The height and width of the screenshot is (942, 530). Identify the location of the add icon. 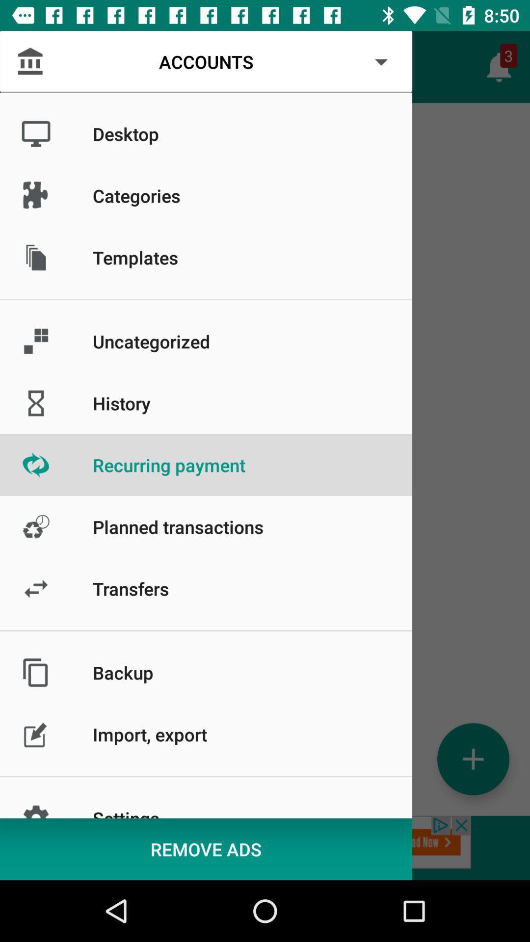
(473, 759).